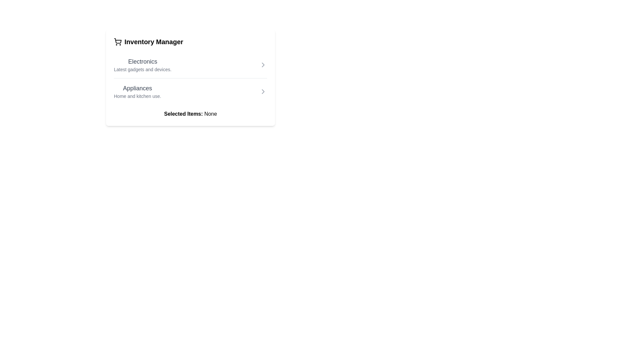 The width and height of the screenshot is (634, 356). I want to click on the chevron icon located at the right edge of the 'Electronics' section, so click(263, 65).